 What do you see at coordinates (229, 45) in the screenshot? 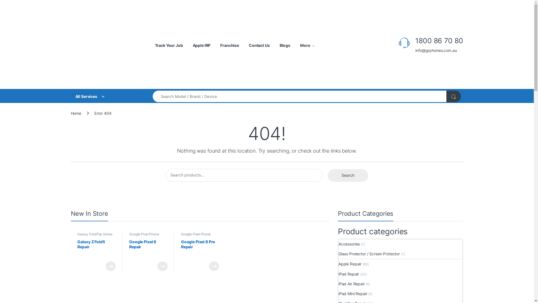
I see `'Franchise'` at bounding box center [229, 45].